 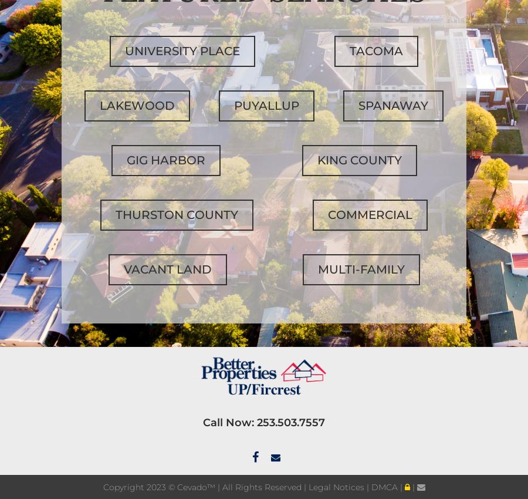 What do you see at coordinates (137, 104) in the screenshot?
I see `'Lakewood'` at bounding box center [137, 104].